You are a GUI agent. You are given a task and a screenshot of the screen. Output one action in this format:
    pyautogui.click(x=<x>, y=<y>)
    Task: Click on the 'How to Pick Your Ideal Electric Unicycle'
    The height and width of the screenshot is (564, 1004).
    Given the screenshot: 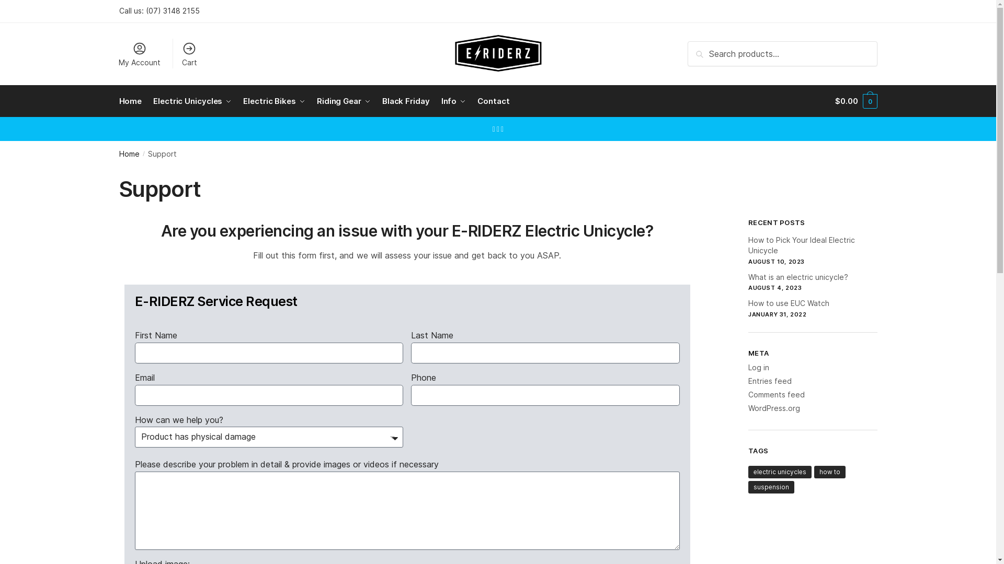 What is the action you would take?
    pyautogui.click(x=801, y=245)
    